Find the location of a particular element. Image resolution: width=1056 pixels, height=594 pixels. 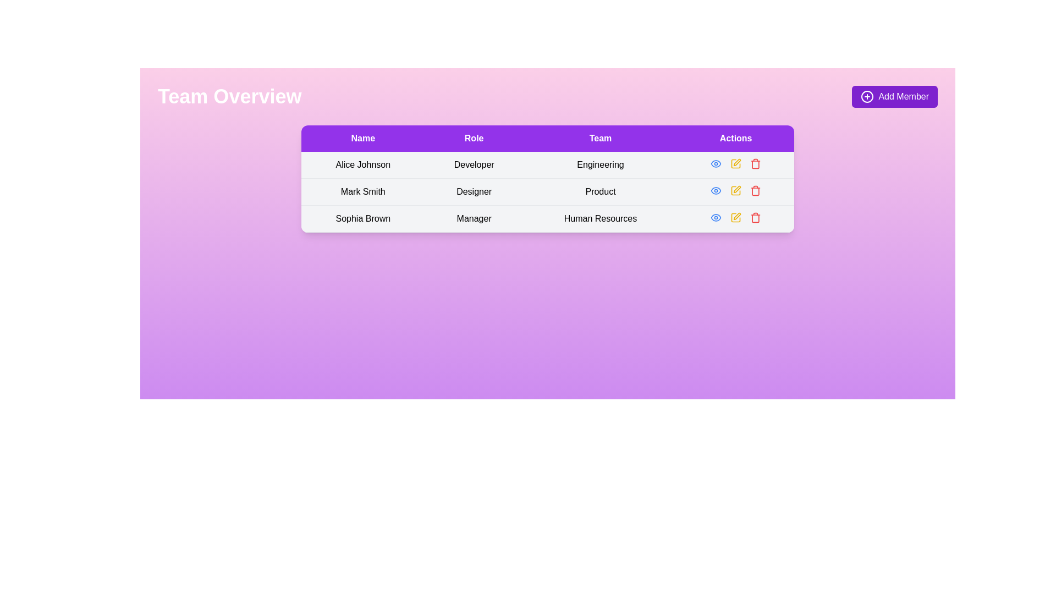

the 'Team Overview' text label that is styled with large, bold, white typography and is located at the upper left portion of the interface is located at coordinates (229, 96).